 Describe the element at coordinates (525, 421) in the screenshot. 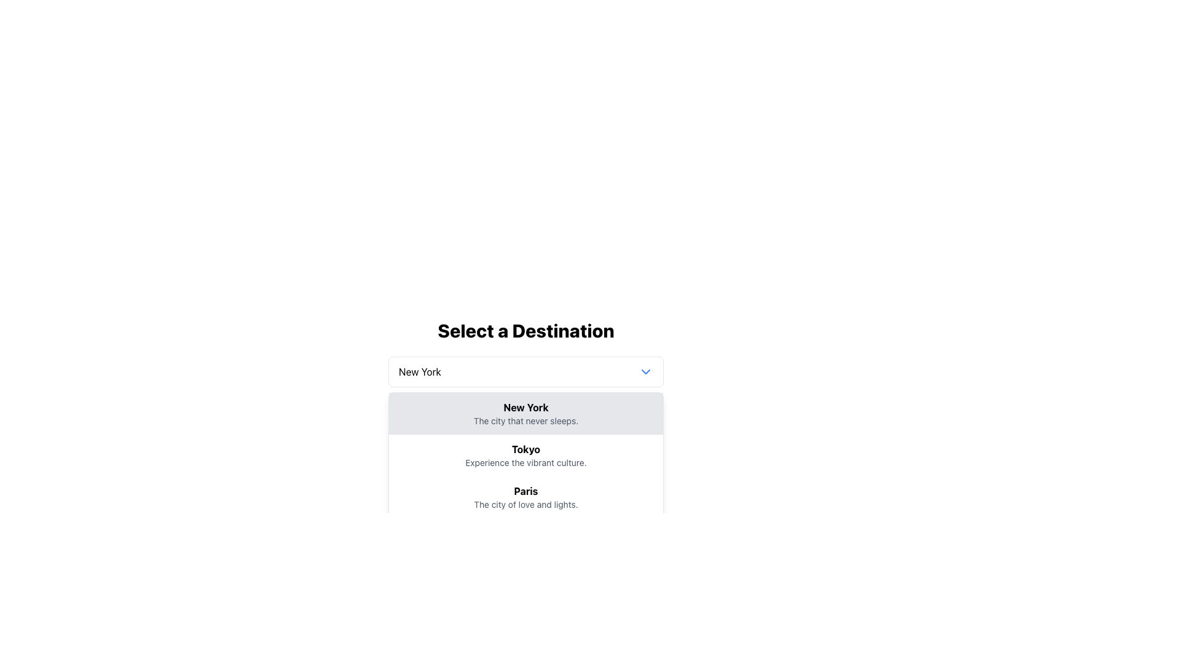

I see `the Text Label displaying 'The city that never sleeps.' which is positioned beneath the bold 'New York' text in the dropdown menu` at that location.